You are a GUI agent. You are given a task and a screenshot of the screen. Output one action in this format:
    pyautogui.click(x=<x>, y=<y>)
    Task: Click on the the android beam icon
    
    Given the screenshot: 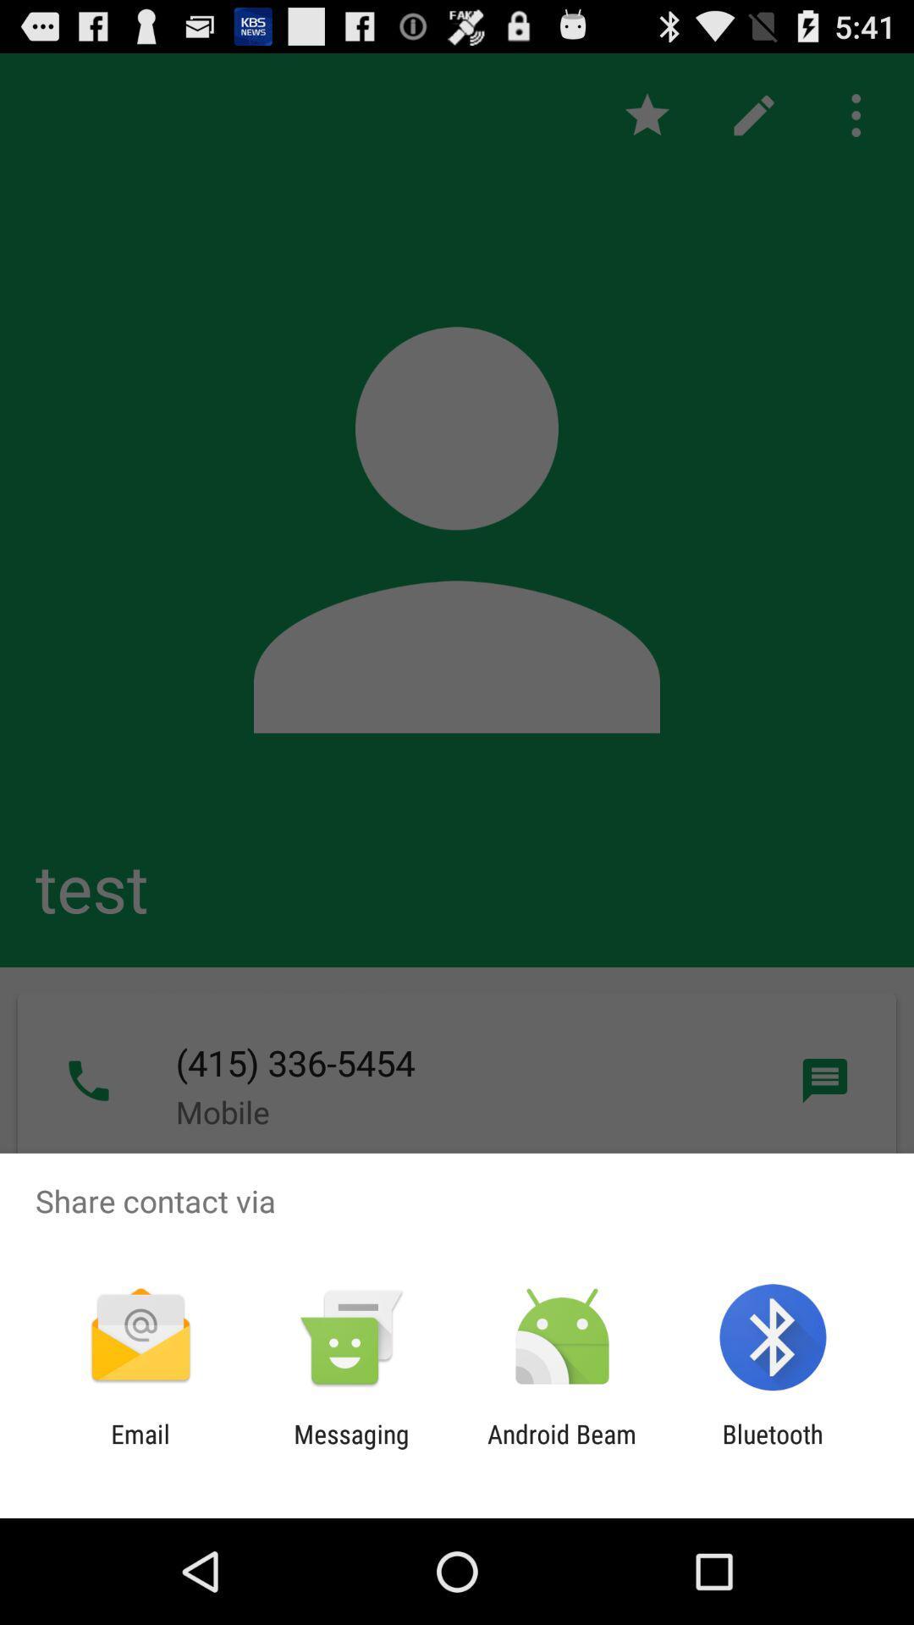 What is the action you would take?
    pyautogui.click(x=562, y=1448)
    